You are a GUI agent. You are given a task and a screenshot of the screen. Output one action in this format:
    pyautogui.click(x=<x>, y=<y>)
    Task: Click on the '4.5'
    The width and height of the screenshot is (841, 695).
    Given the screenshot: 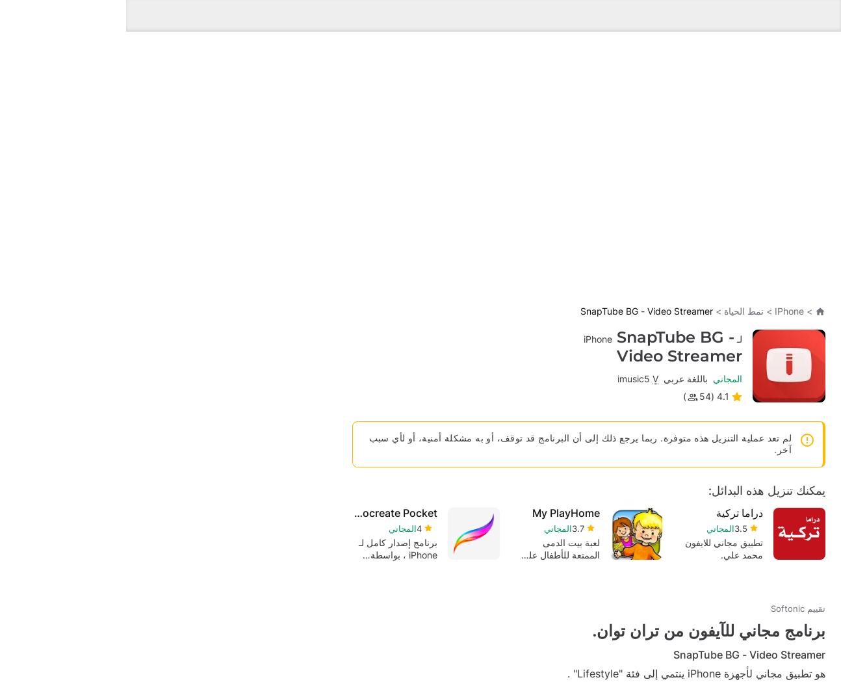 What is the action you would take?
    pyautogui.click(x=451, y=554)
    